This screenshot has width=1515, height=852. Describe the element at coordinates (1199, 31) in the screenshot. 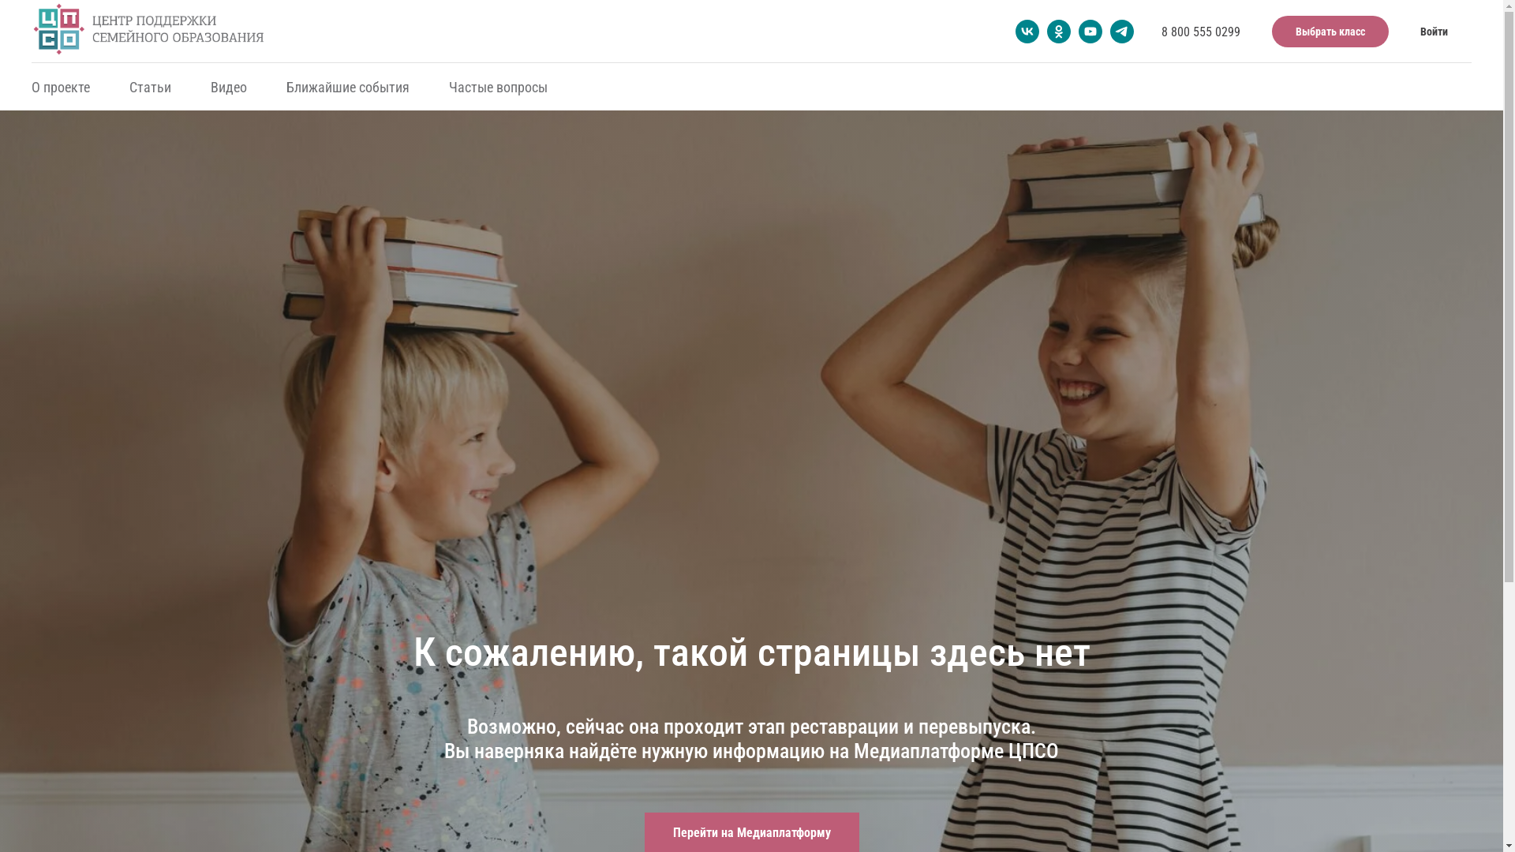

I see `'8 800 555 0299'` at that location.